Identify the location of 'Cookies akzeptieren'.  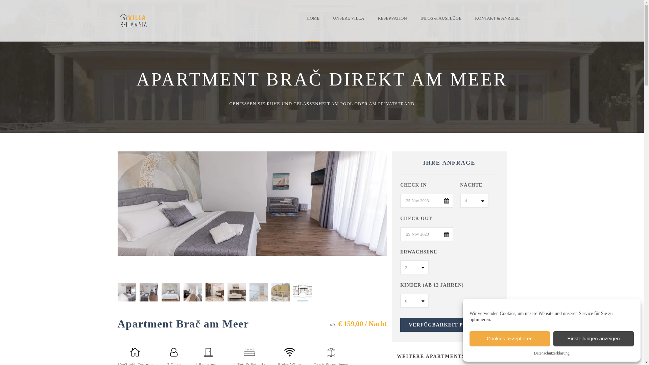
(509, 339).